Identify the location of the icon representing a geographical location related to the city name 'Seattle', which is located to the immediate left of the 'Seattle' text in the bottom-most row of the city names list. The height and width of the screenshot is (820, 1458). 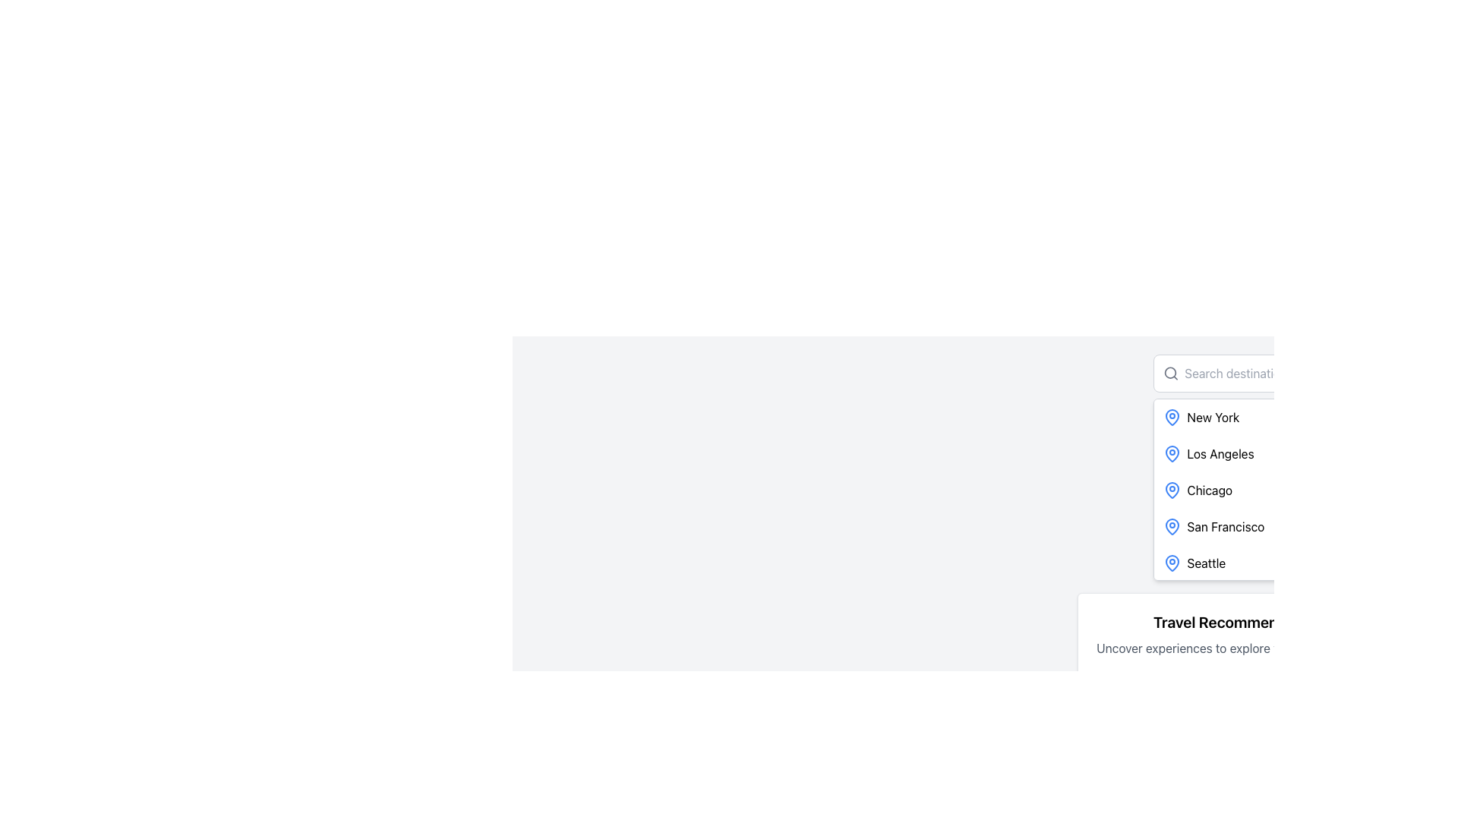
(1171, 563).